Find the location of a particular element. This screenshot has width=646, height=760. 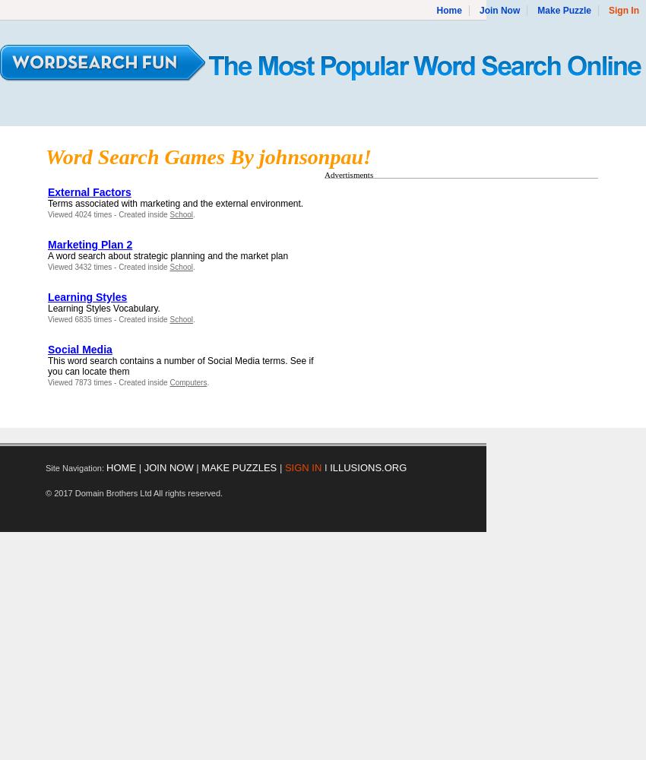

'Terms associated with marketing and the external environment.' is located at coordinates (176, 204).